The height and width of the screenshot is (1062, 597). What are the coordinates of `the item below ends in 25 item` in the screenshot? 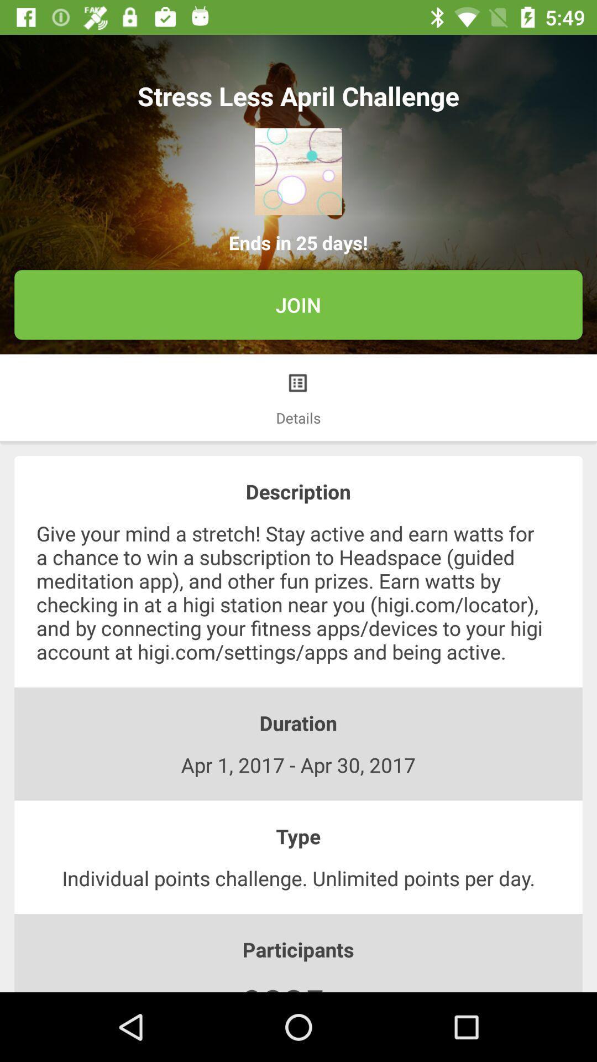 It's located at (298, 305).